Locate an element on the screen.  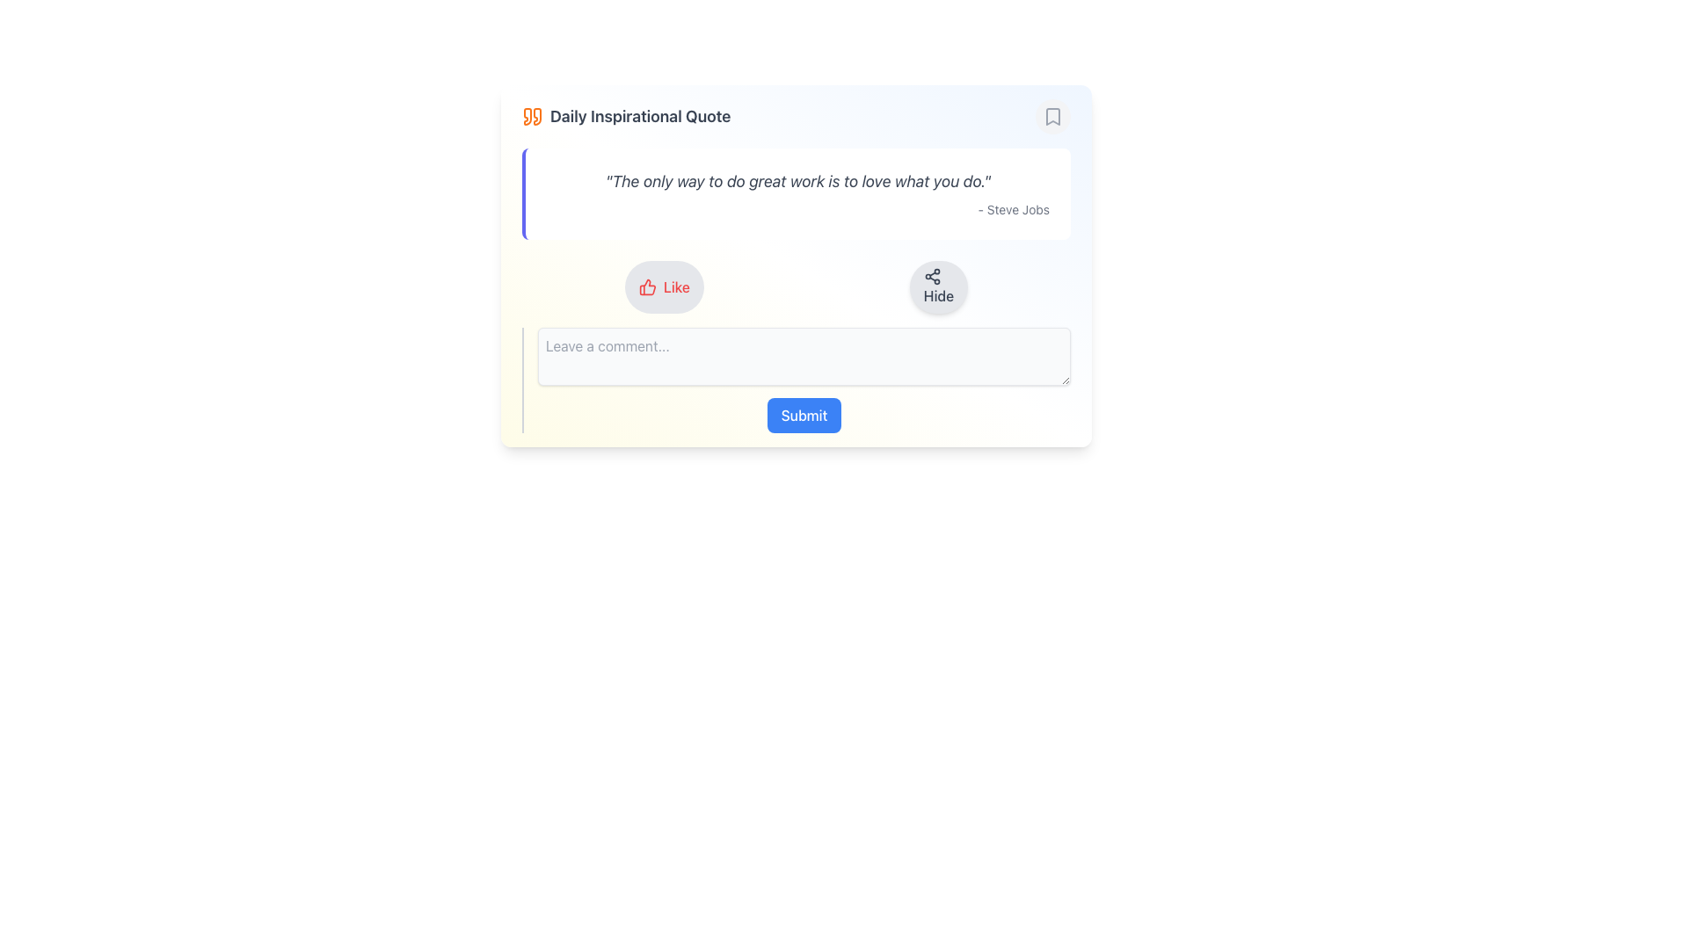
the 'Like' icon located in the lower section of the interface is located at coordinates (646, 286).